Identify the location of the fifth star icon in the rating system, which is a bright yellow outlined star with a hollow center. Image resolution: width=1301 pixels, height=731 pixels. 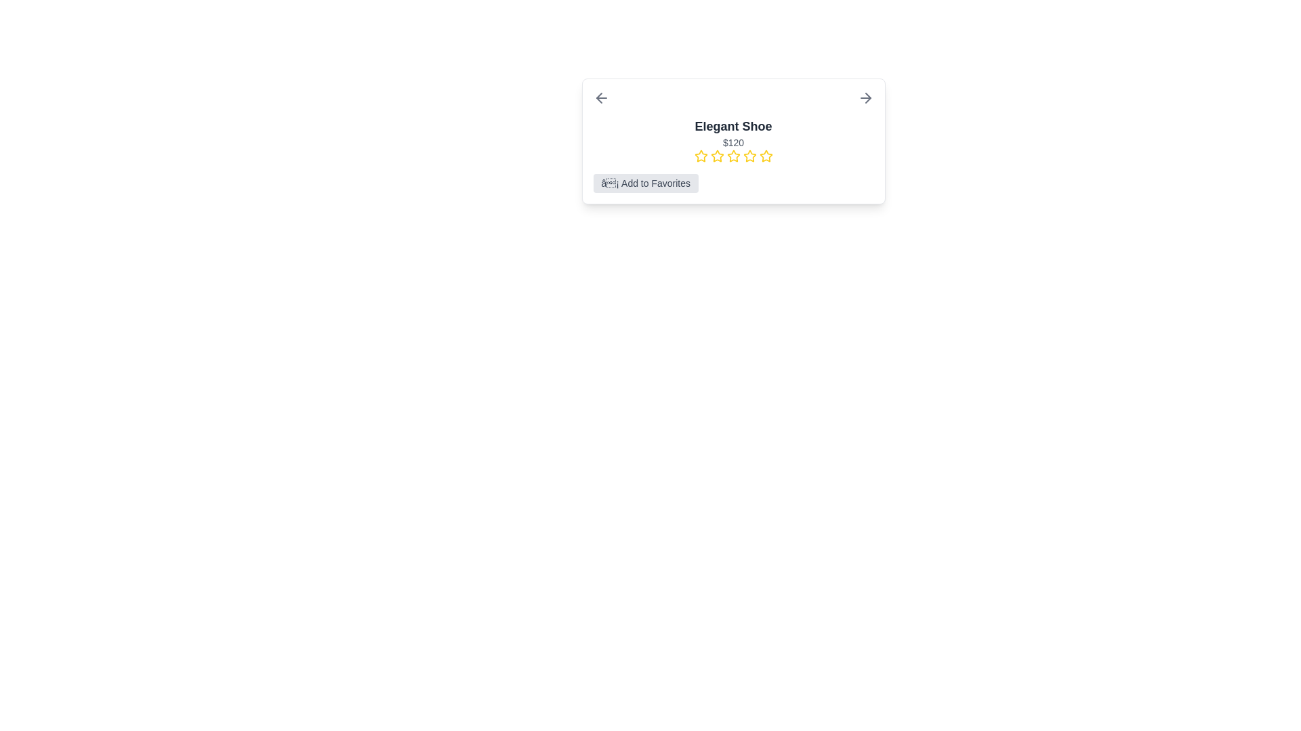
(766, 155).